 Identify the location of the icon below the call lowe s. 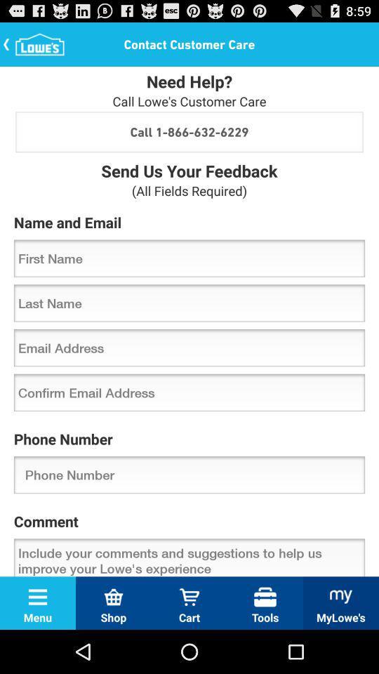
(189, 131).